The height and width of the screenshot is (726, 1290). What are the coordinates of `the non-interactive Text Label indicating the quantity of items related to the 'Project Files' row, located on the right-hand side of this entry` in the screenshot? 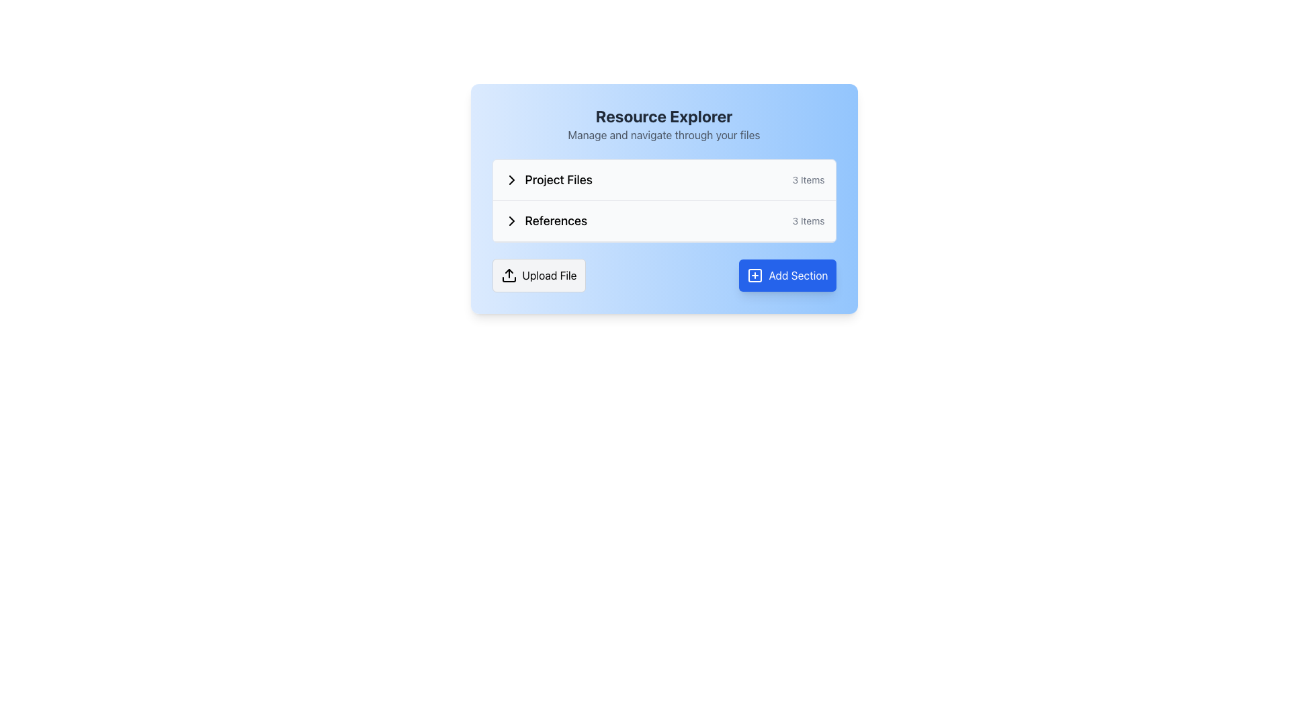 It's located at (808, 179).